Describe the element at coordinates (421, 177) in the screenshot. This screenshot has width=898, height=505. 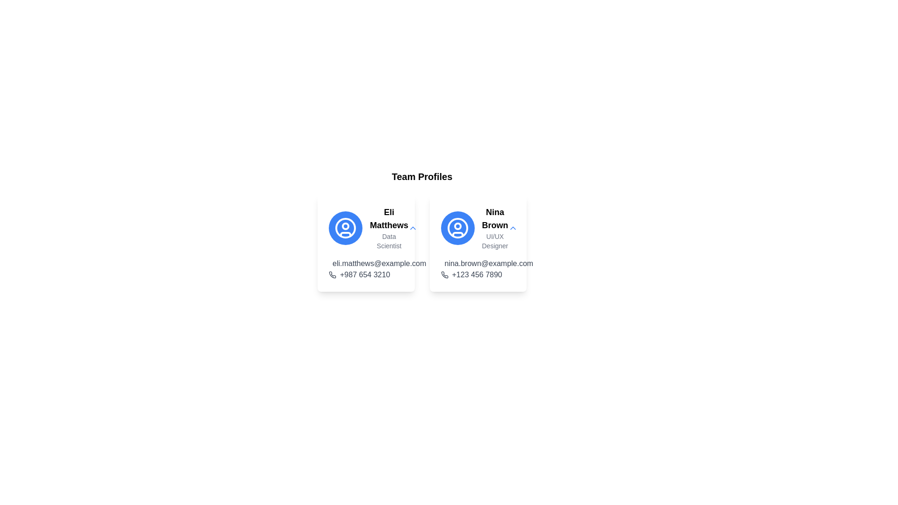
I see `the Text Heading displaying 'Team Profiles'` at that location.